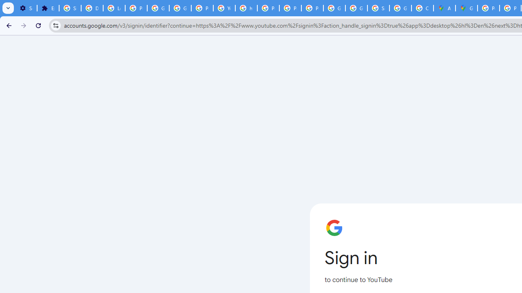 Image resolution: width=522 pixels, height=293 pixels. I want to click on 'Sign in - Google Accounts', so click(378, 8).